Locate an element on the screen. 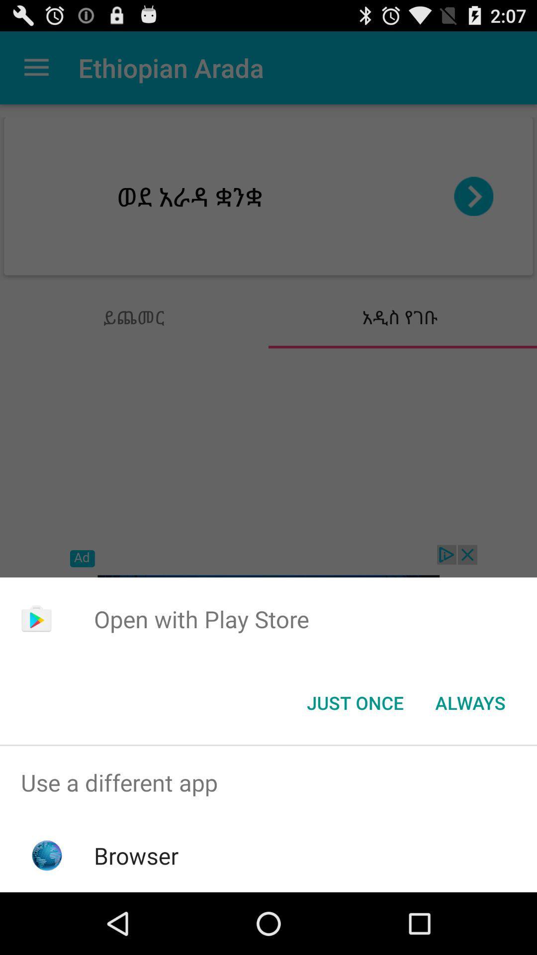  button to the right of the just once icon is located at coordinates (470, 702).